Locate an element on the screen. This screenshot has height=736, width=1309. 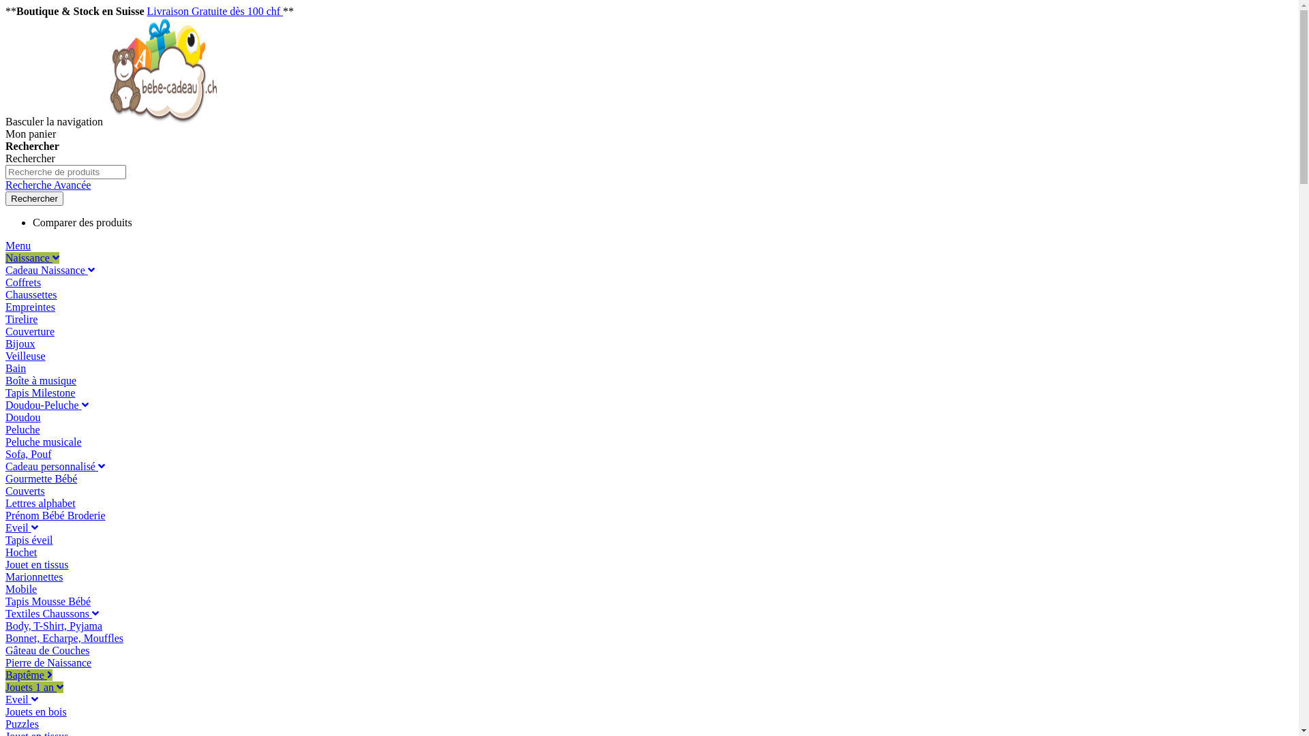
'Body, T-Shirt, Pyjama' is located at coordinates (53, 626).